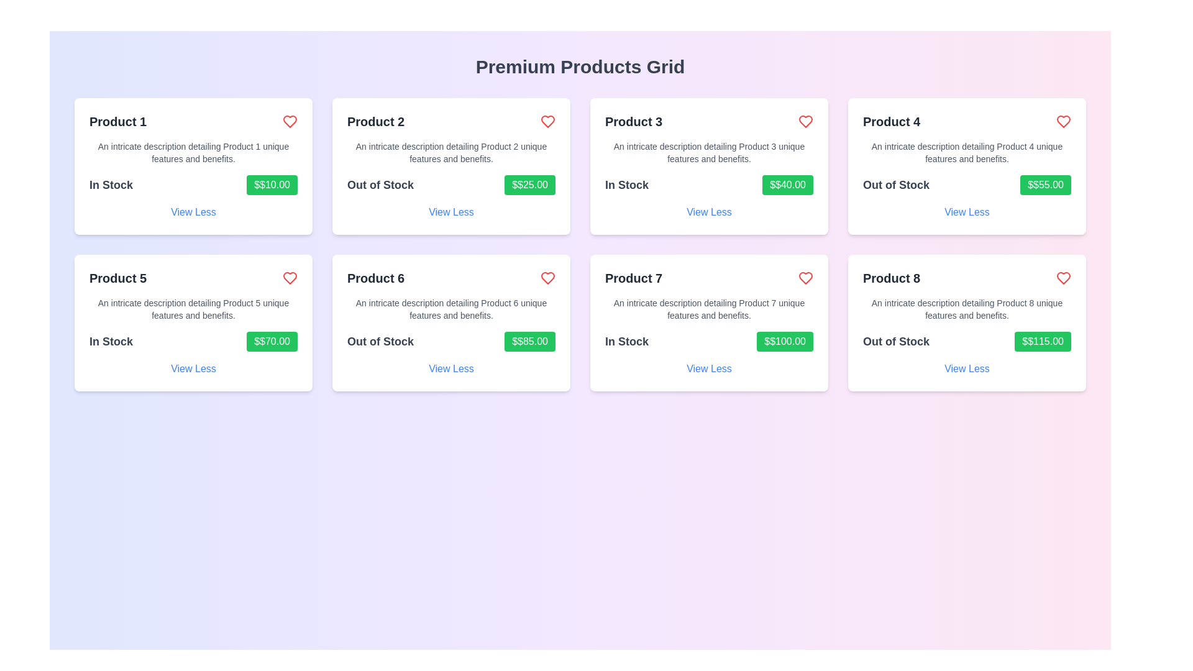  Describe the element at coordinates (891, 122) in the screenshot. I see `the 'Product 4' text label in bold and dark gray color located in the top section of the fourth product card` at that location.